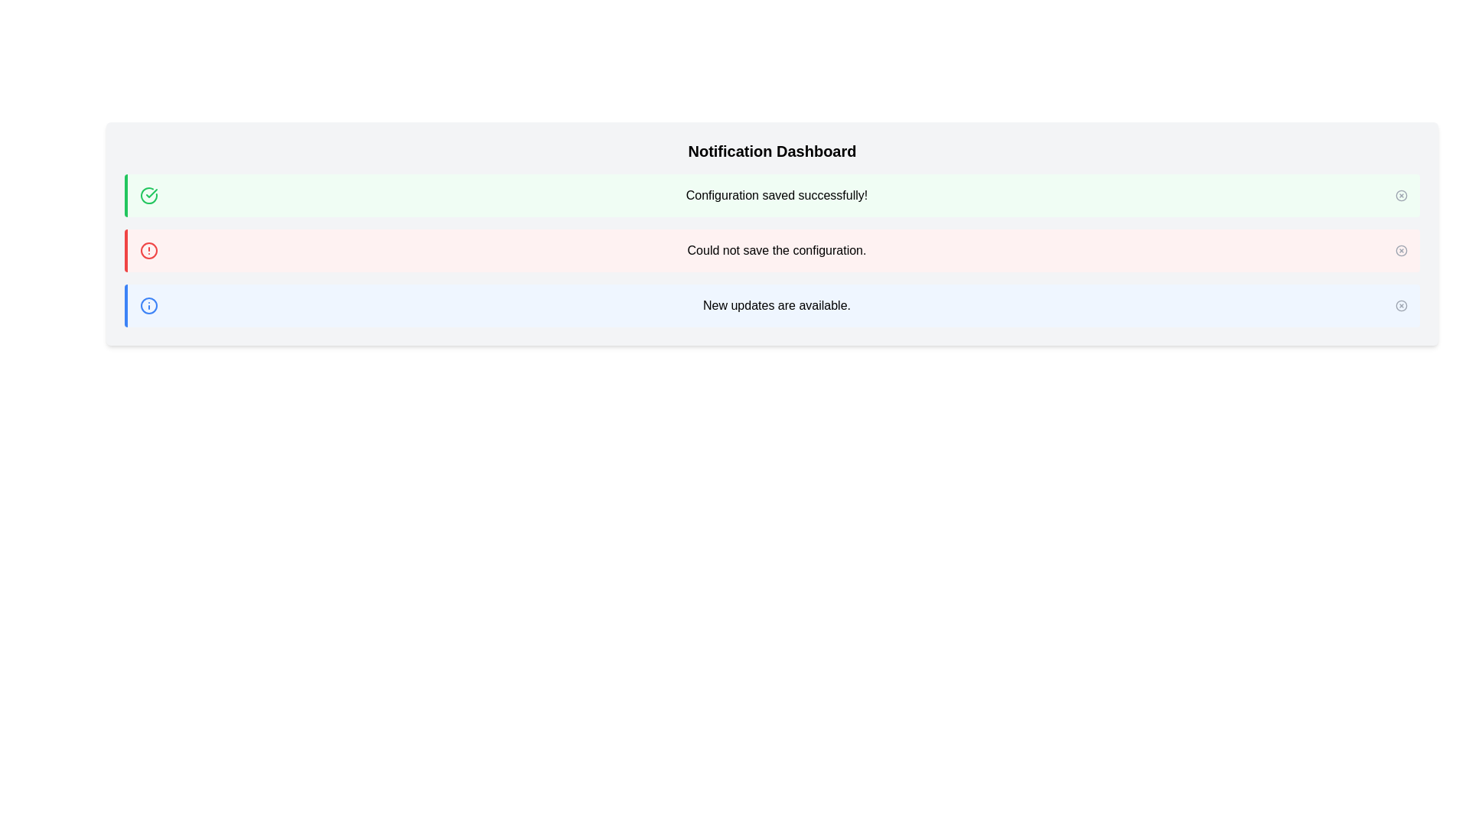 The width and height of the screenshot is (1469, 826). Describe the element at coordinates (1402, 306) in the screenshot. I see `the circular graphical element, which is the first sub-component of the square icon on the right end of the blue notification bar indicating 'New updates are available.'` at that location.